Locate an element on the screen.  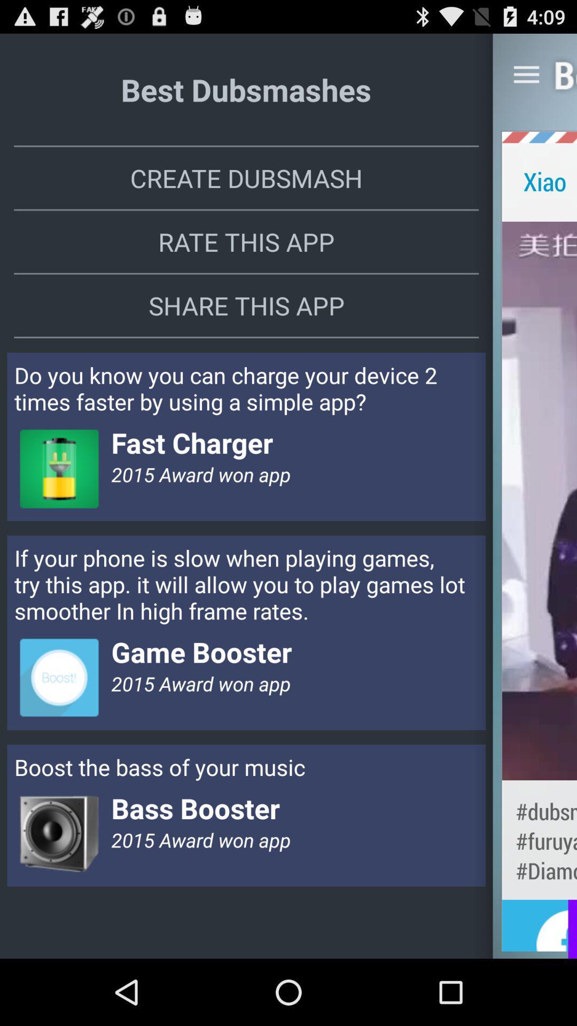
the item above the dubsmash spongebob spongebobsquarepants is located at coordinates (539, 500).